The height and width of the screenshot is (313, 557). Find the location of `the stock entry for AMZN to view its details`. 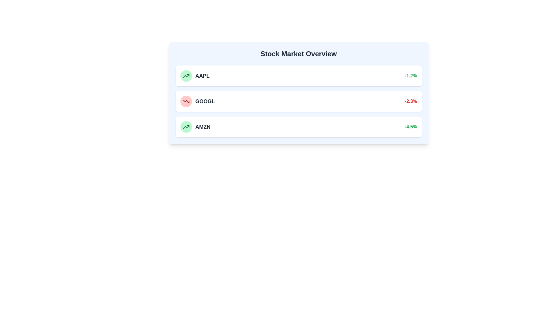

the stock entry for AMZN to view its details is located at coordinates (299, 127).